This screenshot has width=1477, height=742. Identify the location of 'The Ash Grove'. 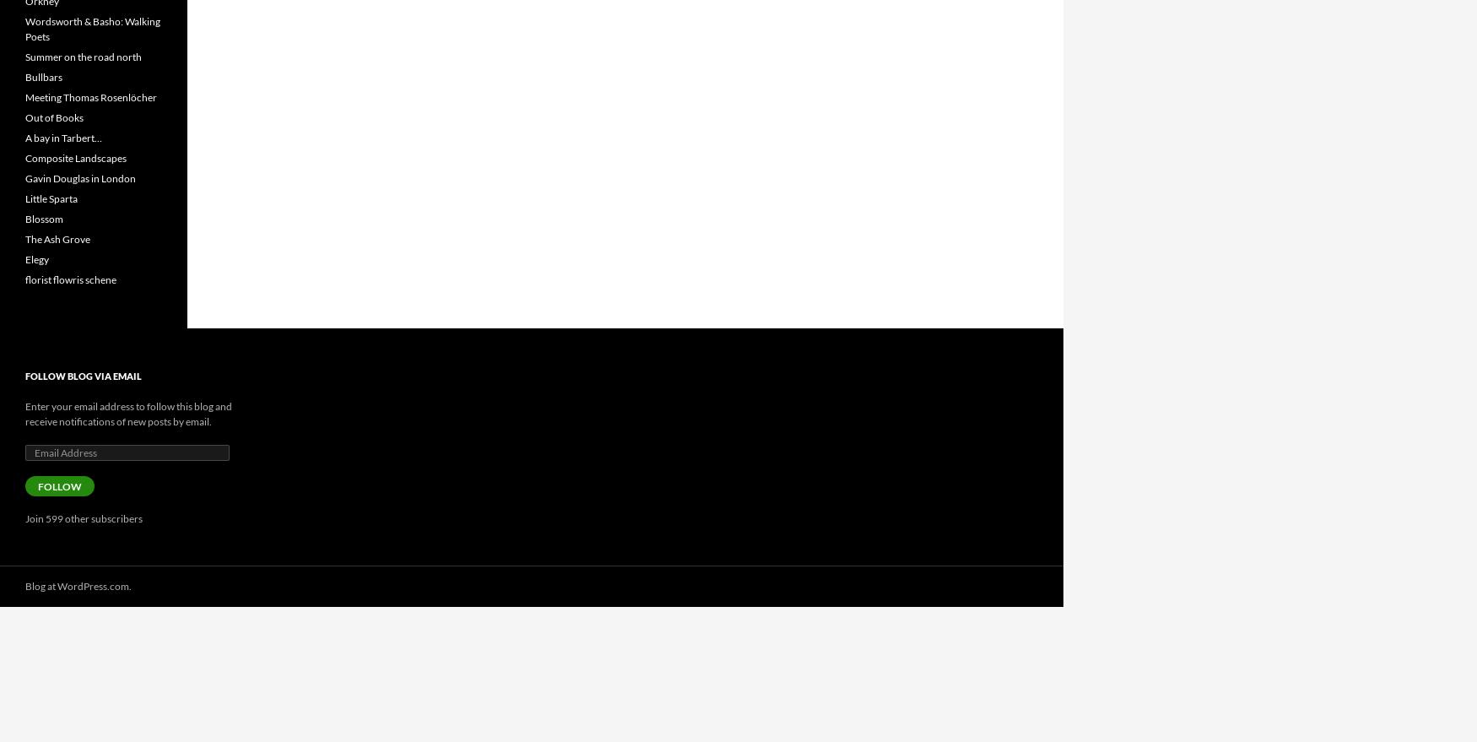
(57, 239).